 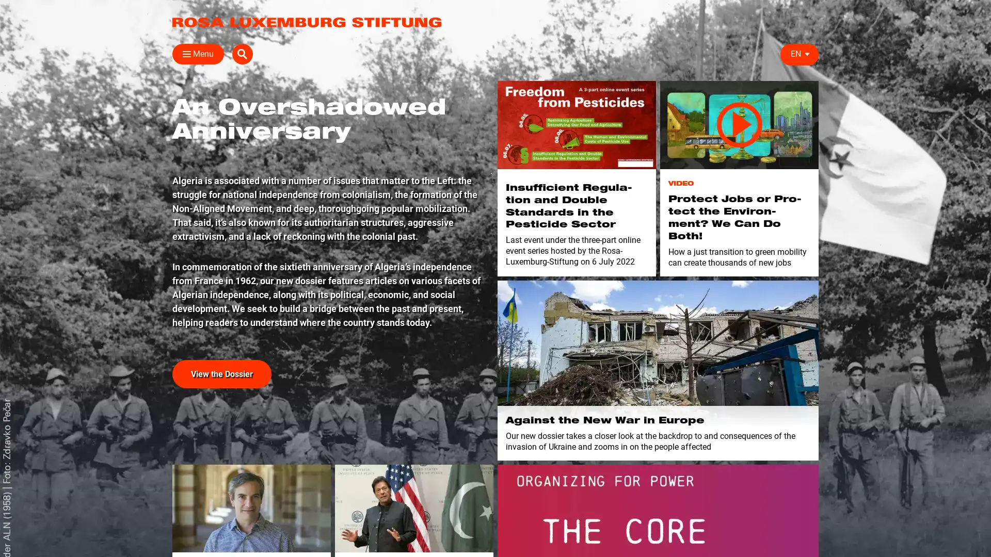 What do you see at coordinates (168, 203) in the screenshot?
I see `Show more / less` at bounding box center [168, 203].